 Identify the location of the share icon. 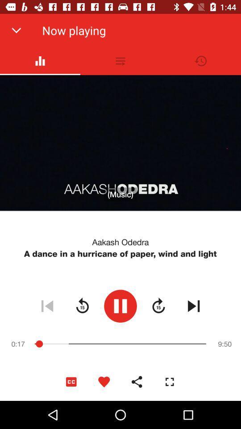
(137, 381).